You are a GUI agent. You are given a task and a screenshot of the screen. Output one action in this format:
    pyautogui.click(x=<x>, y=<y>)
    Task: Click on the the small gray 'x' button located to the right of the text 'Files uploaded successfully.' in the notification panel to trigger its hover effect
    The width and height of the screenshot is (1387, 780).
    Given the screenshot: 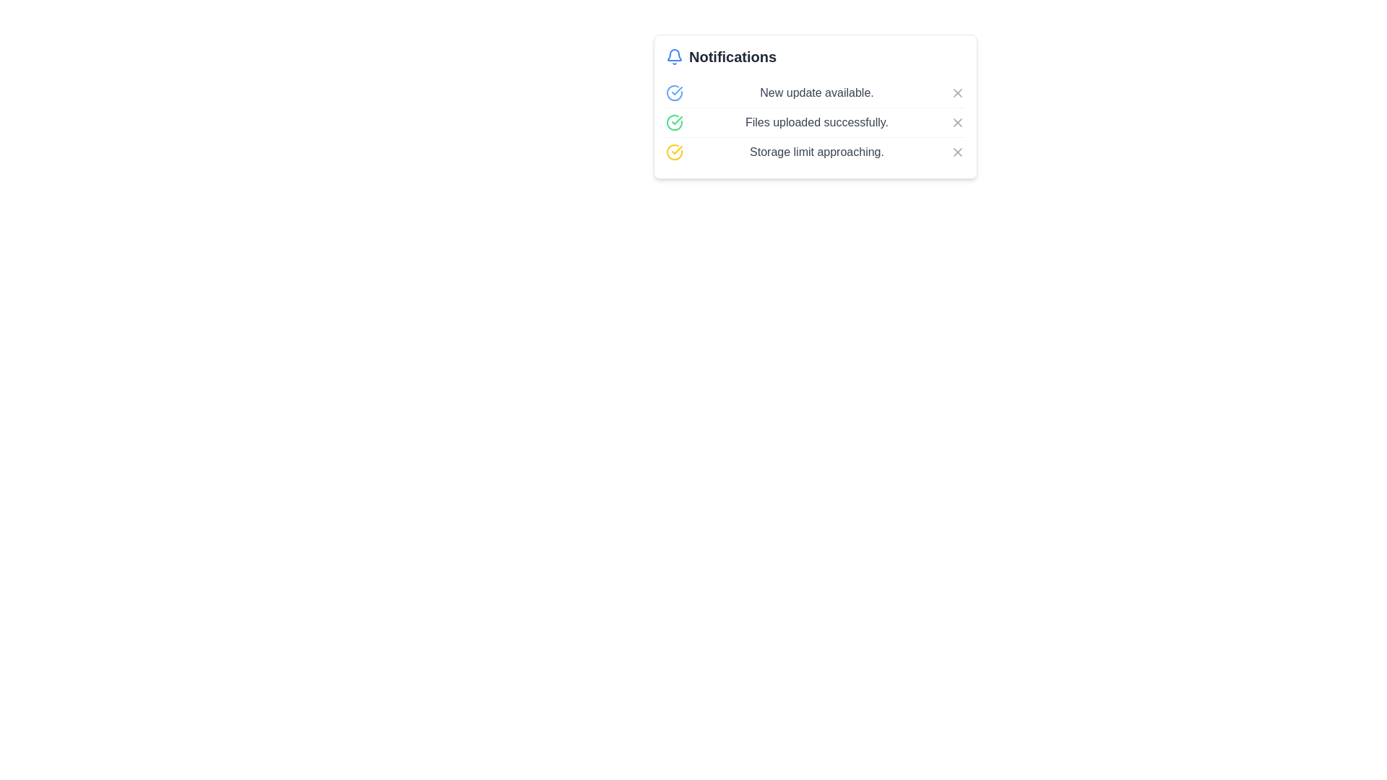 What is the action you would take?
    pyautogui.click(x=957, y=121)
    